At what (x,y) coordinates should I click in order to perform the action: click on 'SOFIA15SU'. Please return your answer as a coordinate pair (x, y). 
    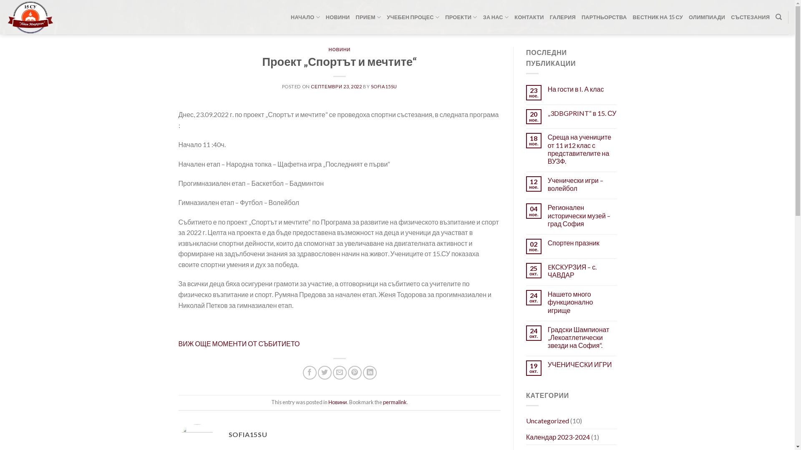
    Looking at the image, I should click on (370, 86).